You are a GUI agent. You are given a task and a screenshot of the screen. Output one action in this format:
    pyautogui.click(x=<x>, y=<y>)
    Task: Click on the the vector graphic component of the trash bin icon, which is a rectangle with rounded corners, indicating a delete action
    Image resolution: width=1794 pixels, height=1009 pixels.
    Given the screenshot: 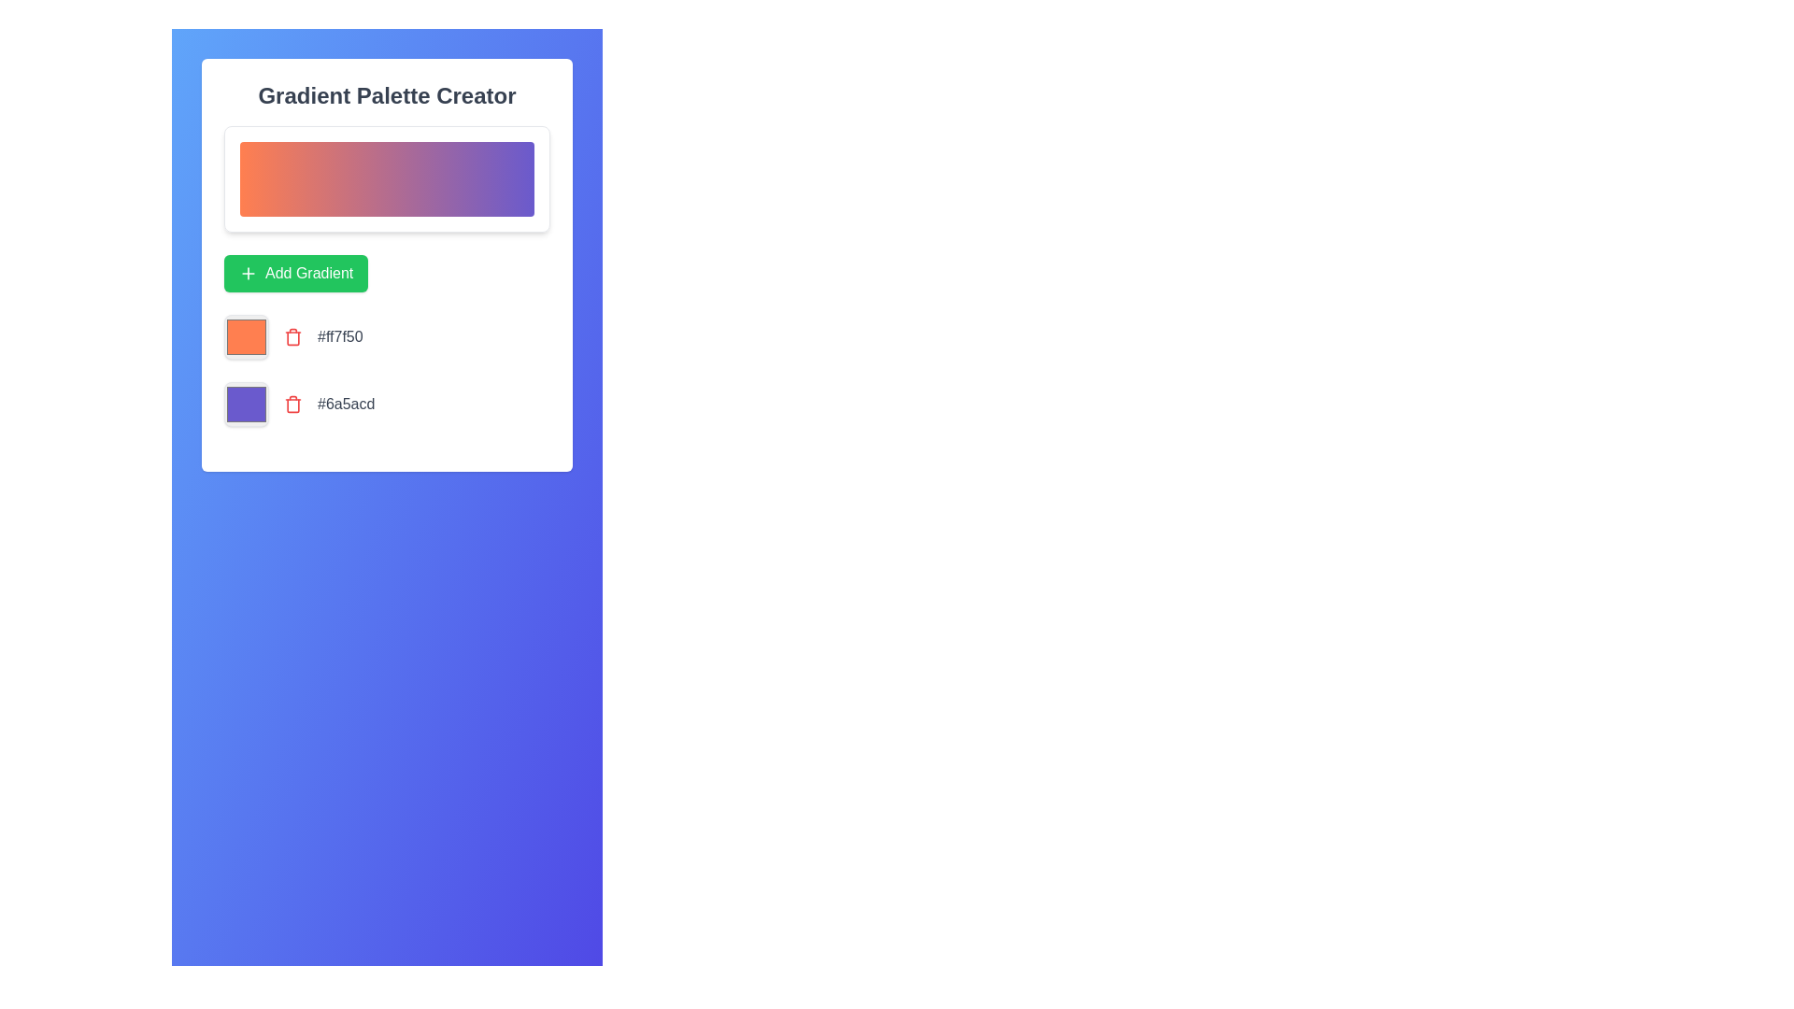 What is the action you would take?
    pyautogui.click(x=292, y=405)
    